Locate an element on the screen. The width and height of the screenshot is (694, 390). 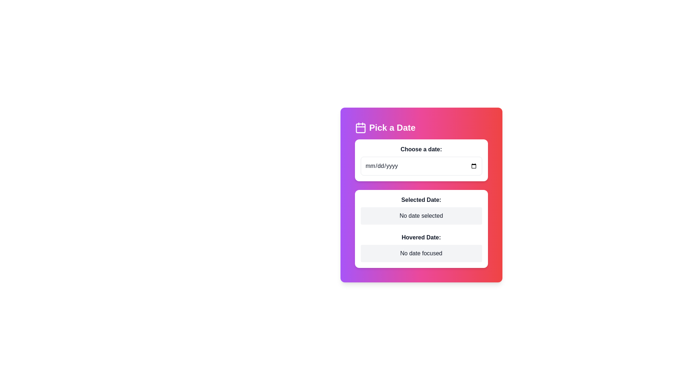
the static text label that states 'Hovered Date:' which is styled with a semi-bold font weight and is located below the 'Selected Date:' label is located at coordinates (421, 238).